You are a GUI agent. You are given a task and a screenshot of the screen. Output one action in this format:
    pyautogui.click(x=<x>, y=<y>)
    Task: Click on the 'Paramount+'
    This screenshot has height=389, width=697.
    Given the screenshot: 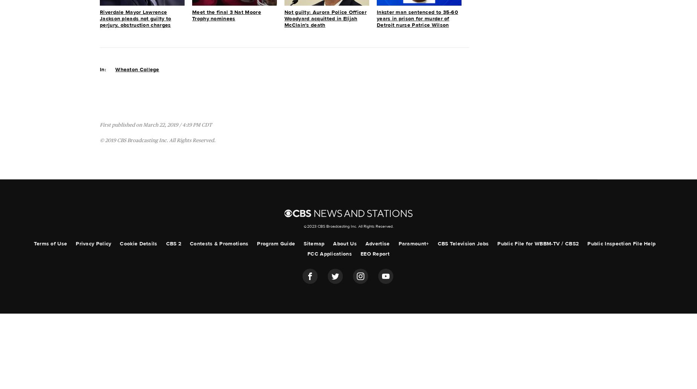 What is the action you would take?
    pyautogui.click(x=398, y=243)
    